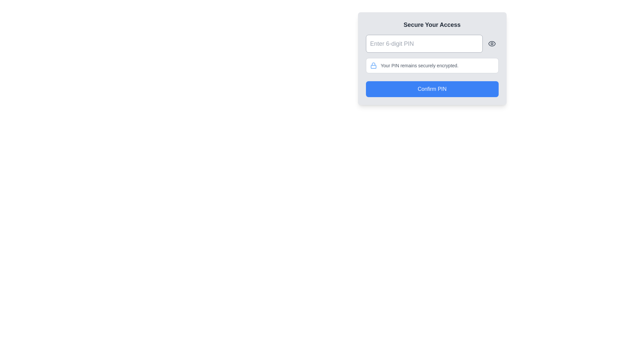 This screenshot has height=358, width=637. I want to click on the confirm button at the bottom of the secure PIN form to initiate the verification process, so click(432, 89).